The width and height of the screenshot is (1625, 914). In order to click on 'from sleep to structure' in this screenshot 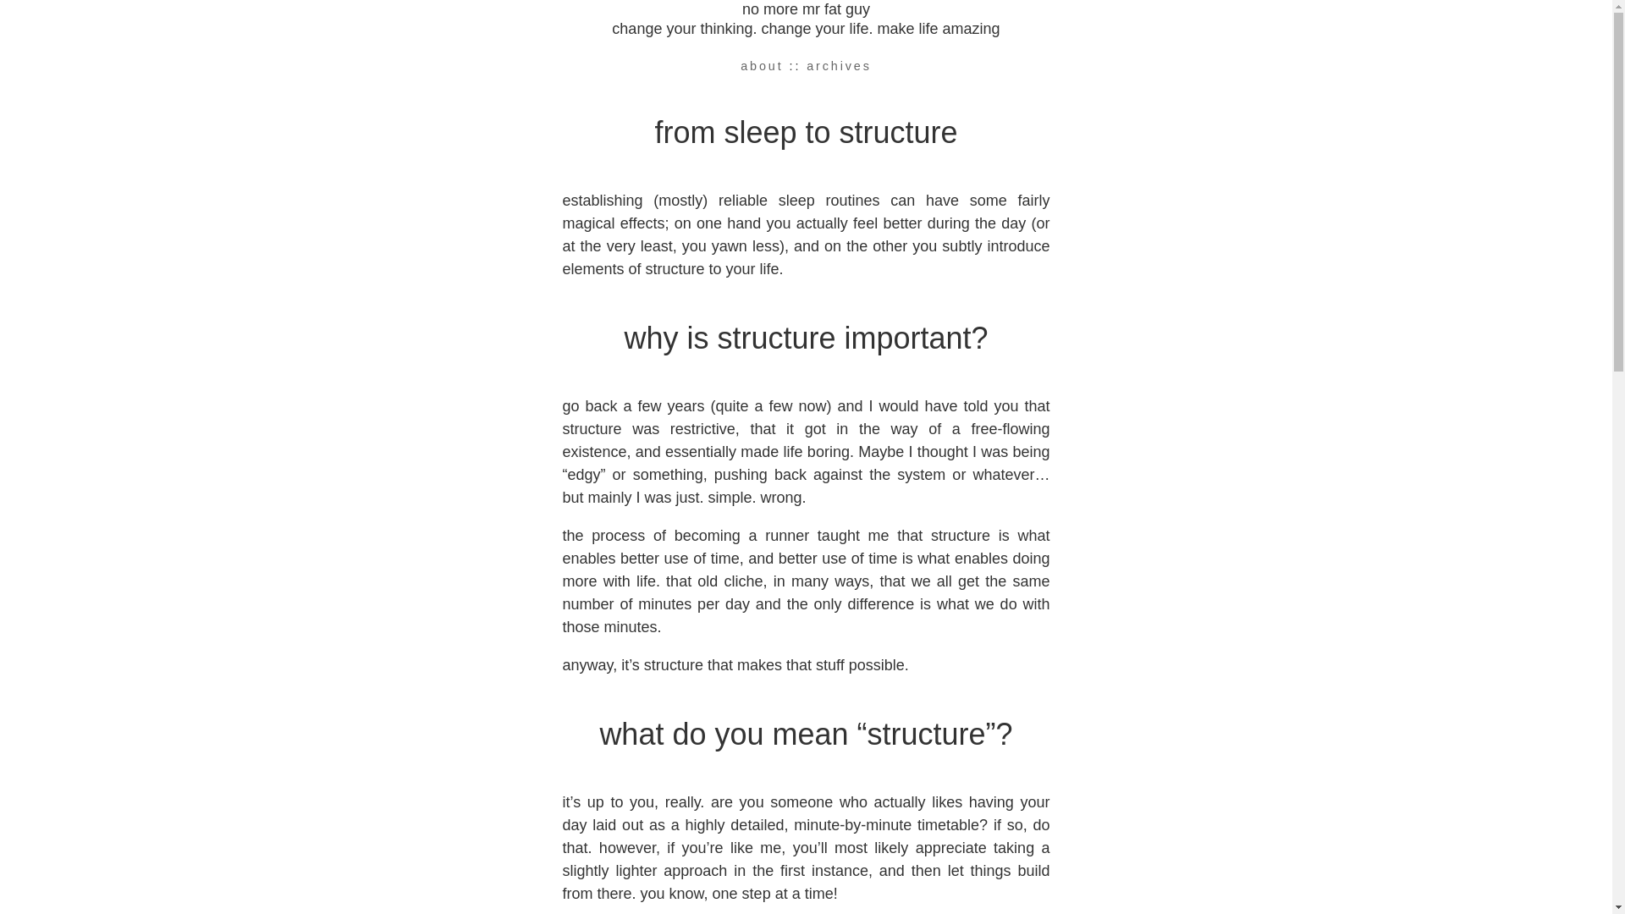, I will do `click(804, 131)`.